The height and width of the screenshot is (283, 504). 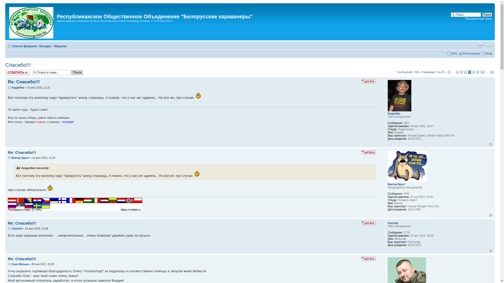 What do you see at coordinates (461, 72) in the screenshot?
I see `'5'` at bounding box center [461, 72].